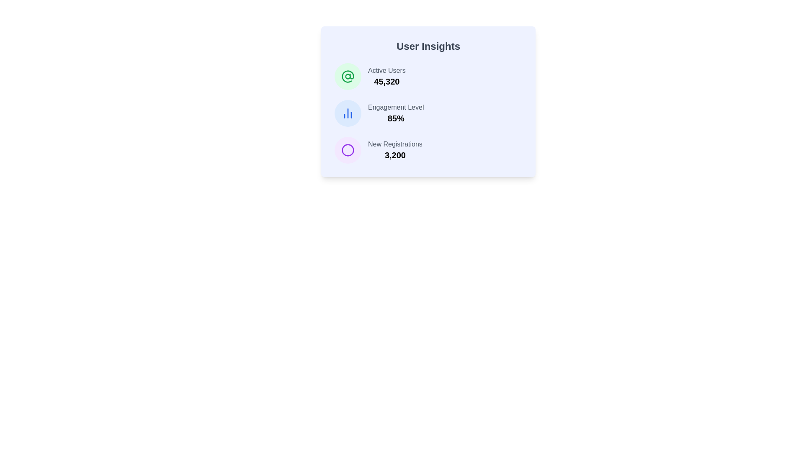 This screenshot has height=452, width=804. Describe the element at coordinates (394, 149) in the screenshot. I see `the static text block that displays the number of new registrations, located in the bottom right quadrant of the 'User Insights' card, which is the third item in a vertical list` at that location.